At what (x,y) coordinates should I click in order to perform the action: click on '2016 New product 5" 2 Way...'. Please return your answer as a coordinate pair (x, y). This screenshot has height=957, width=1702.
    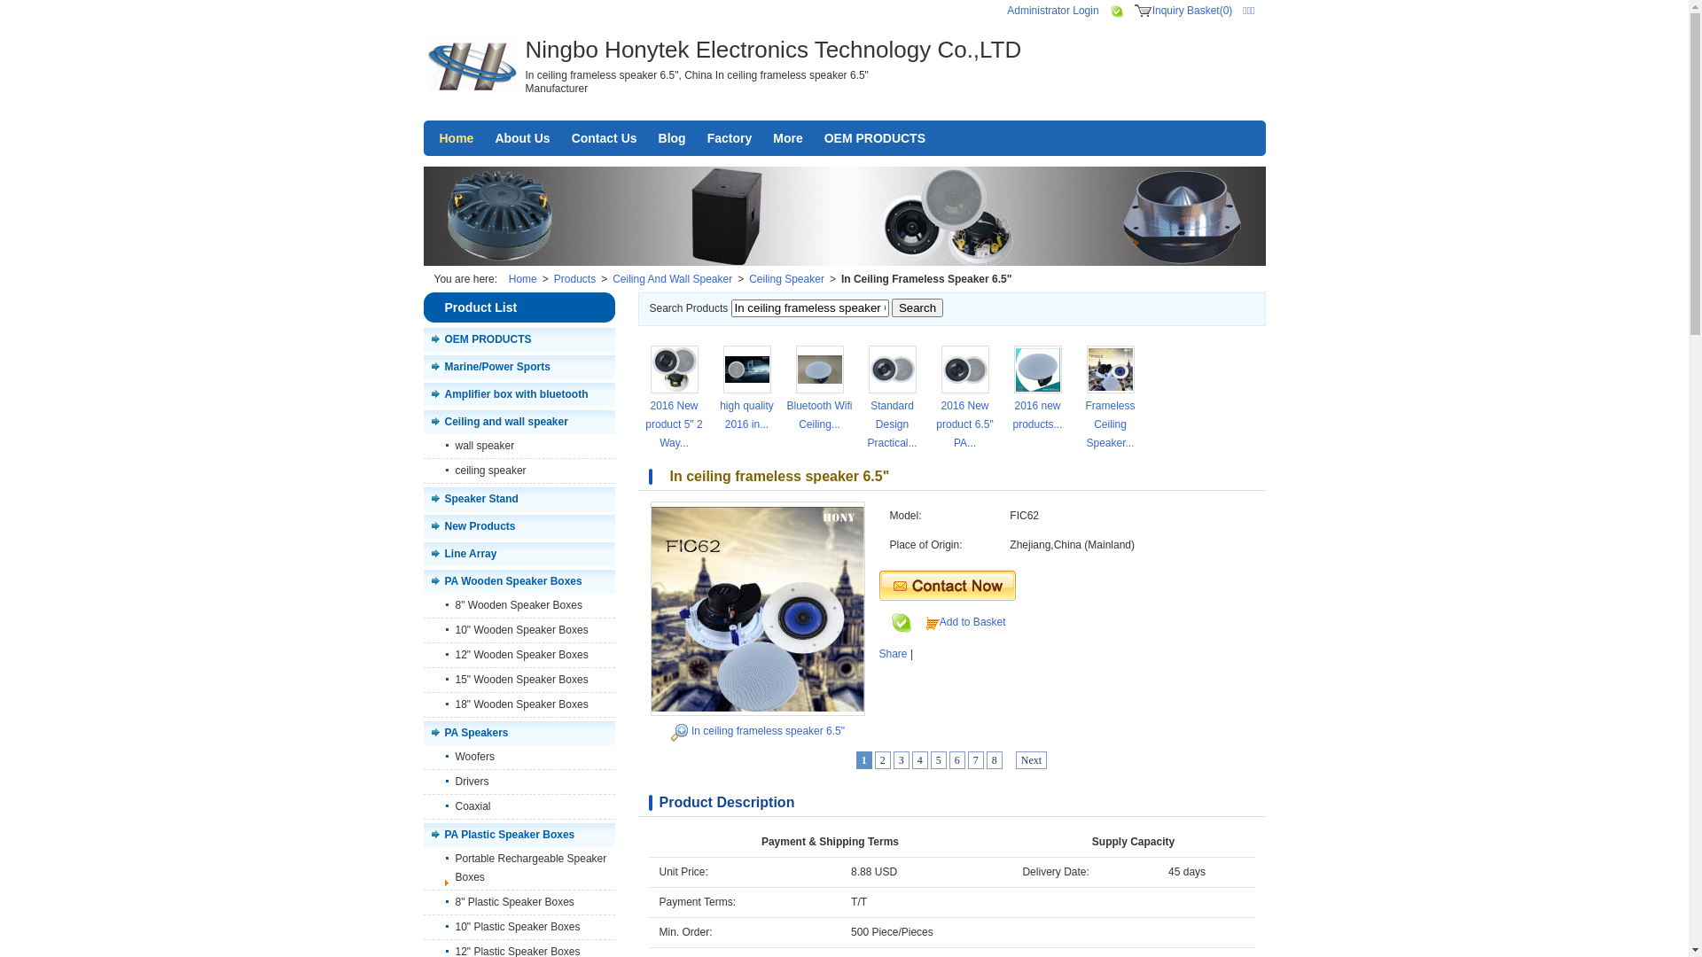
    Looking at the image, I should click on (644, 424).